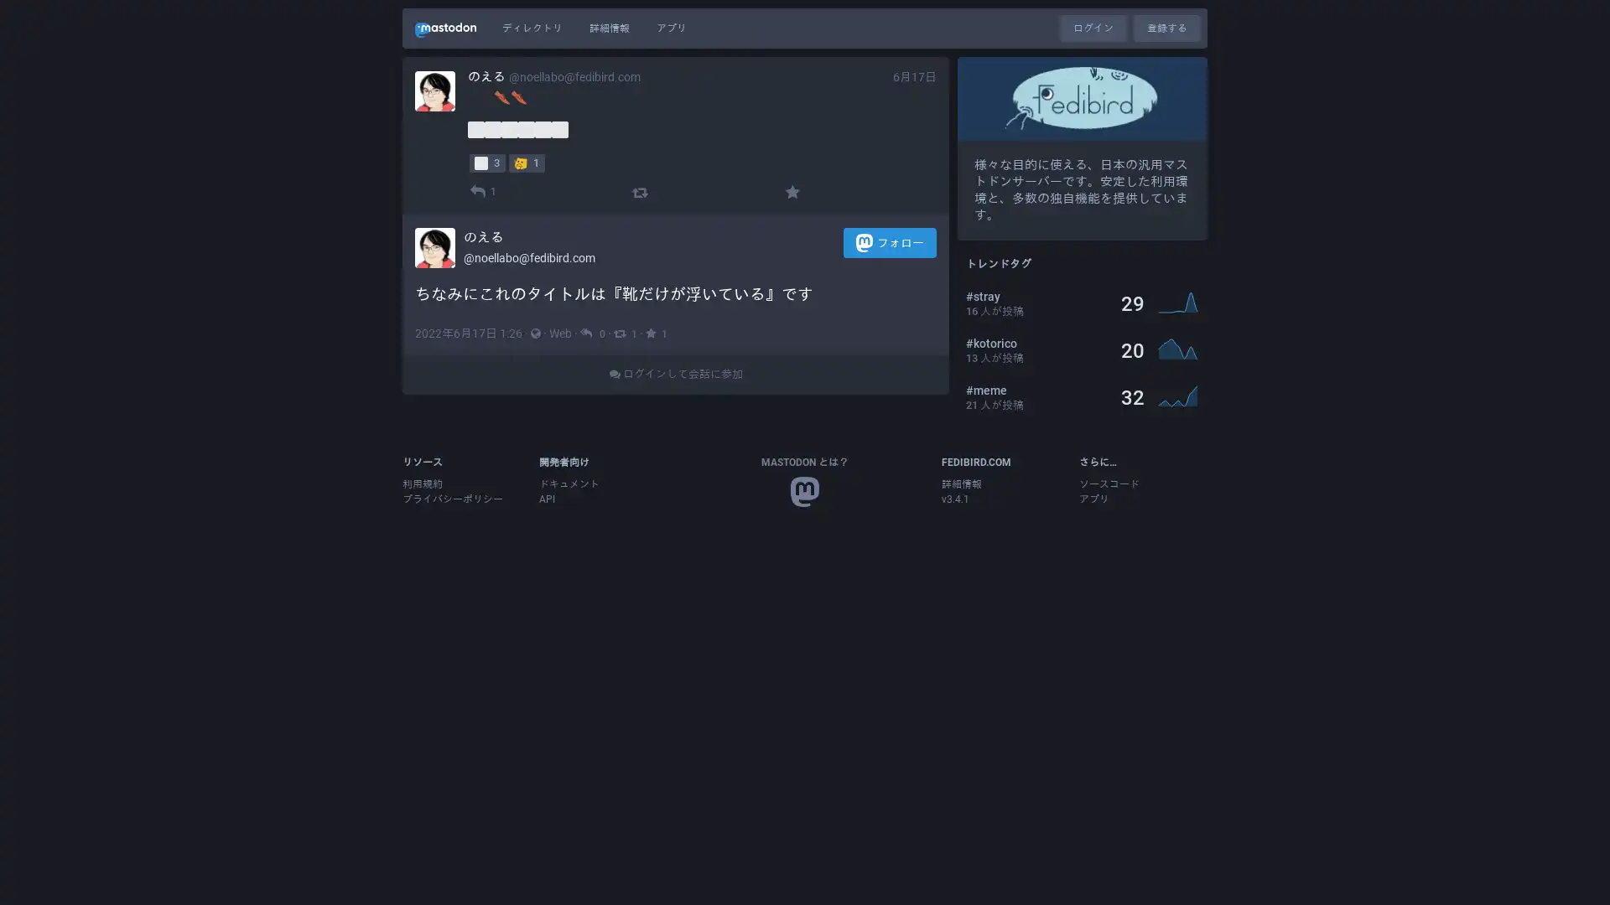 The width and height of the screenshot is (1610, 905). I want to click on 3, so click(486, 162).